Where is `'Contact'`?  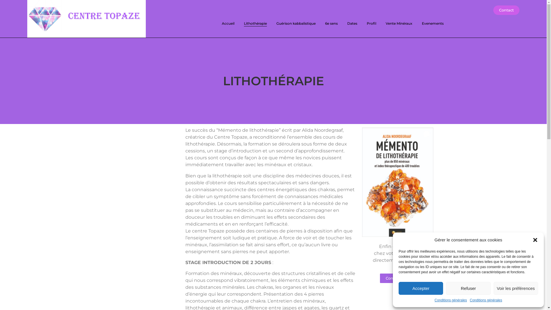 'Contact' is located at coordinates (506, 10).